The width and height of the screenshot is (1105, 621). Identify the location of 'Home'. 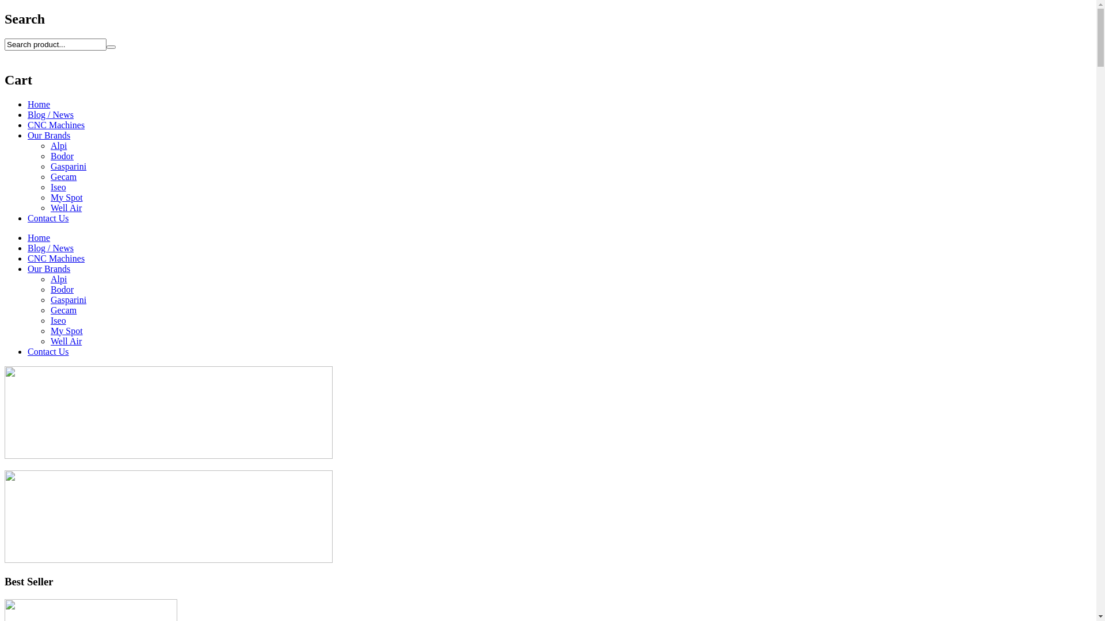
(39, 237).